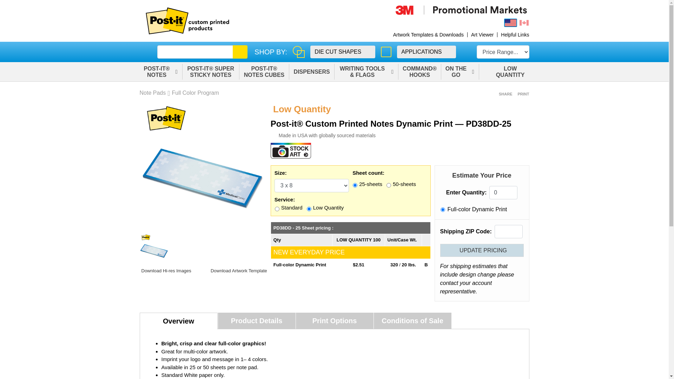 The height and width of the screenshot is (379, 674). I want to click on 'Art Viewer', so click(482, 35).